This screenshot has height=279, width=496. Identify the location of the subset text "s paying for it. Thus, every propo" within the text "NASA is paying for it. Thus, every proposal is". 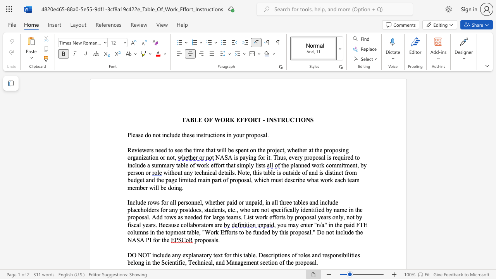
(235, 157).